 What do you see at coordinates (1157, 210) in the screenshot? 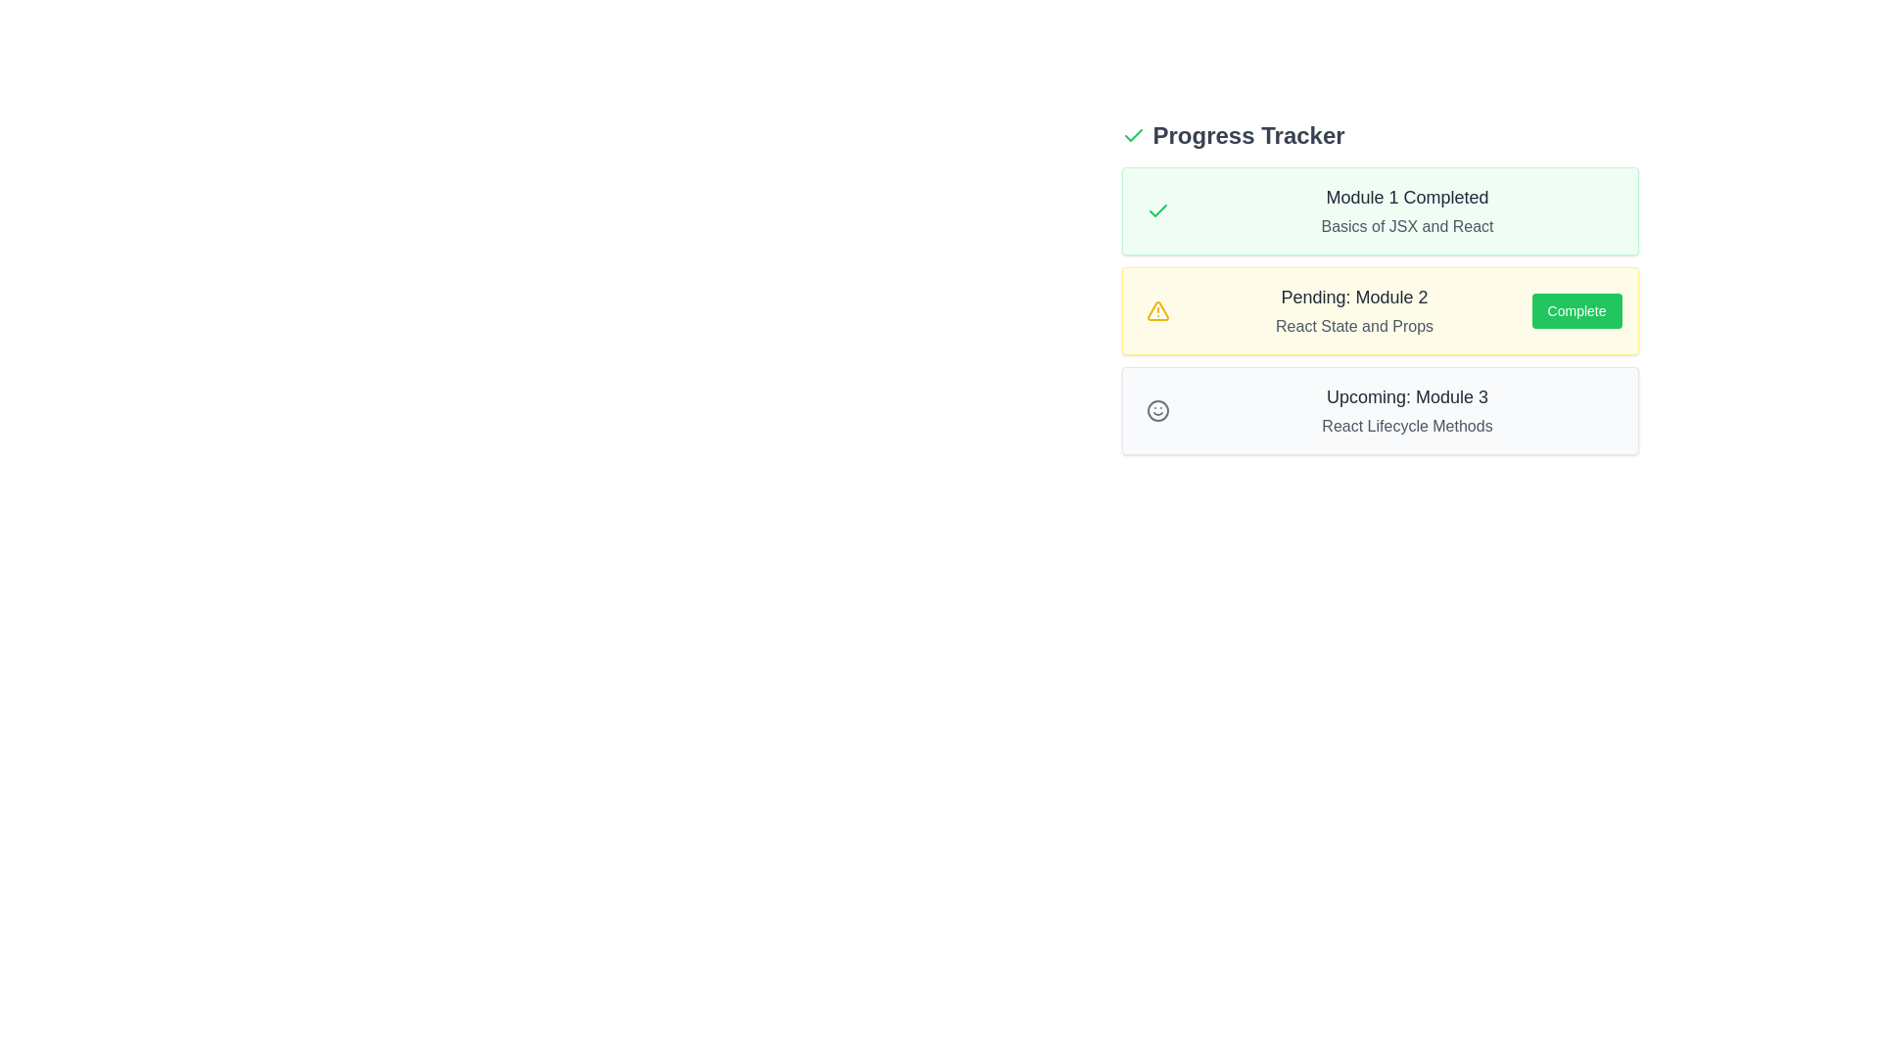
I see `the checkmark icon within the 'Module 1 Completed' section of the 'Progress Tracker' interface, which indicates success or completion` at bounding box center [1157, 210].